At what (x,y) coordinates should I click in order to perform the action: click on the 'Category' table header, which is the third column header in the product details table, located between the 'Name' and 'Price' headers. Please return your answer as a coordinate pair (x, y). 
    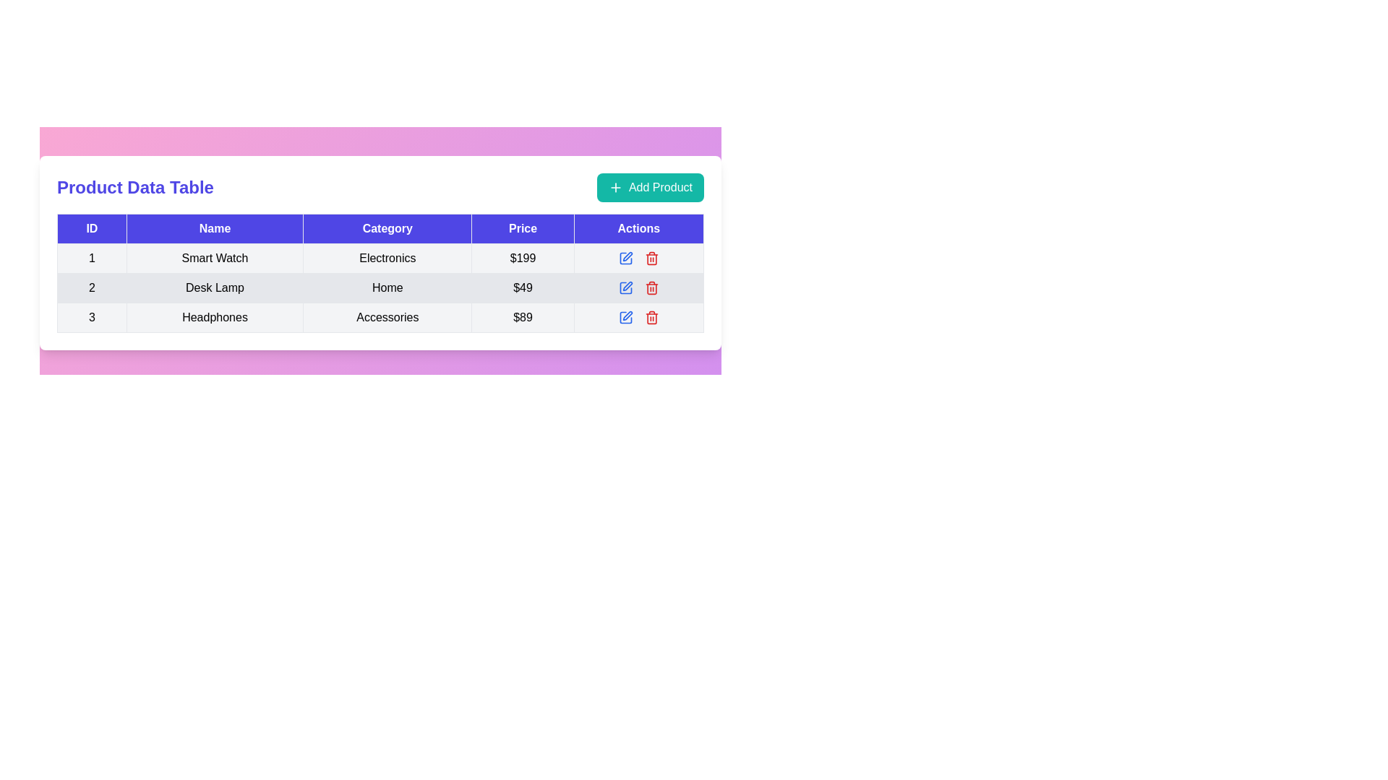
    Looking at the image, I should click on (380, 227).